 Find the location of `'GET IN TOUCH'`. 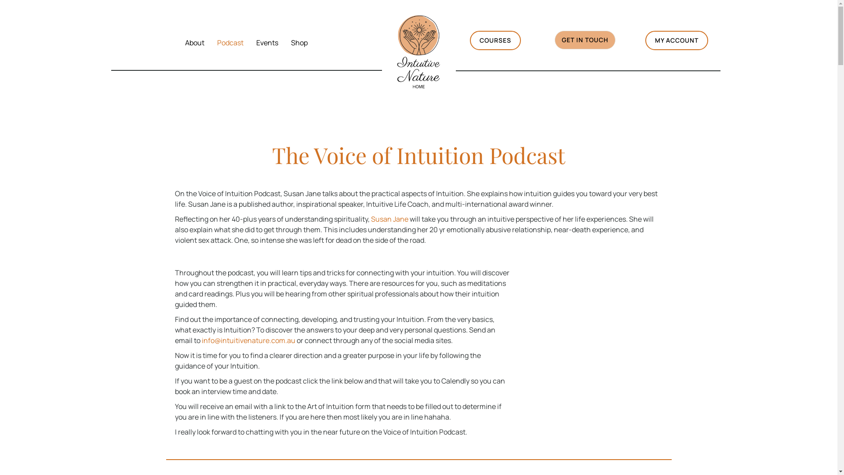

'GET IN TOUCH' is located at coordinates (585, 40).